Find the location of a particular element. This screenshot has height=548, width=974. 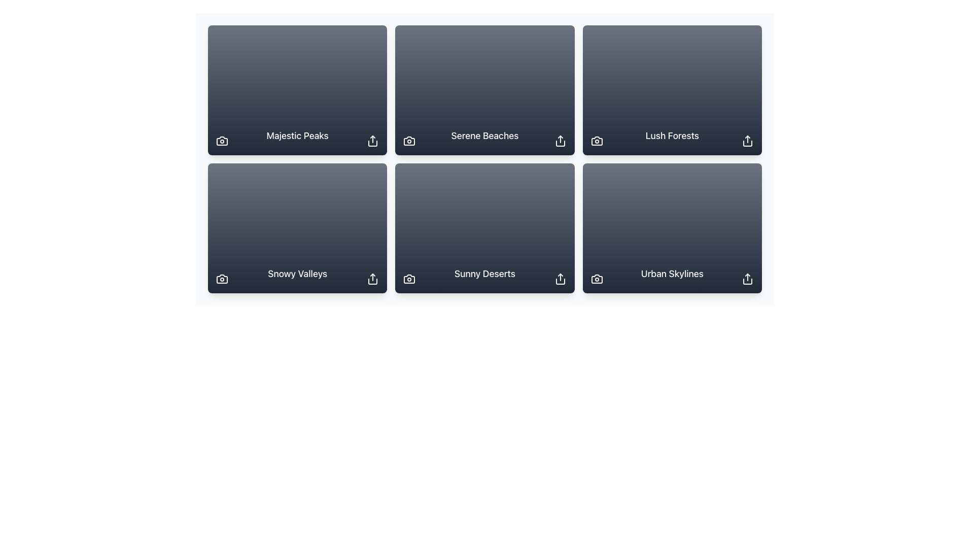

the camera icon in the bottom-left corner of the 'Lush Forests' card is located at coordinates (597, 141).